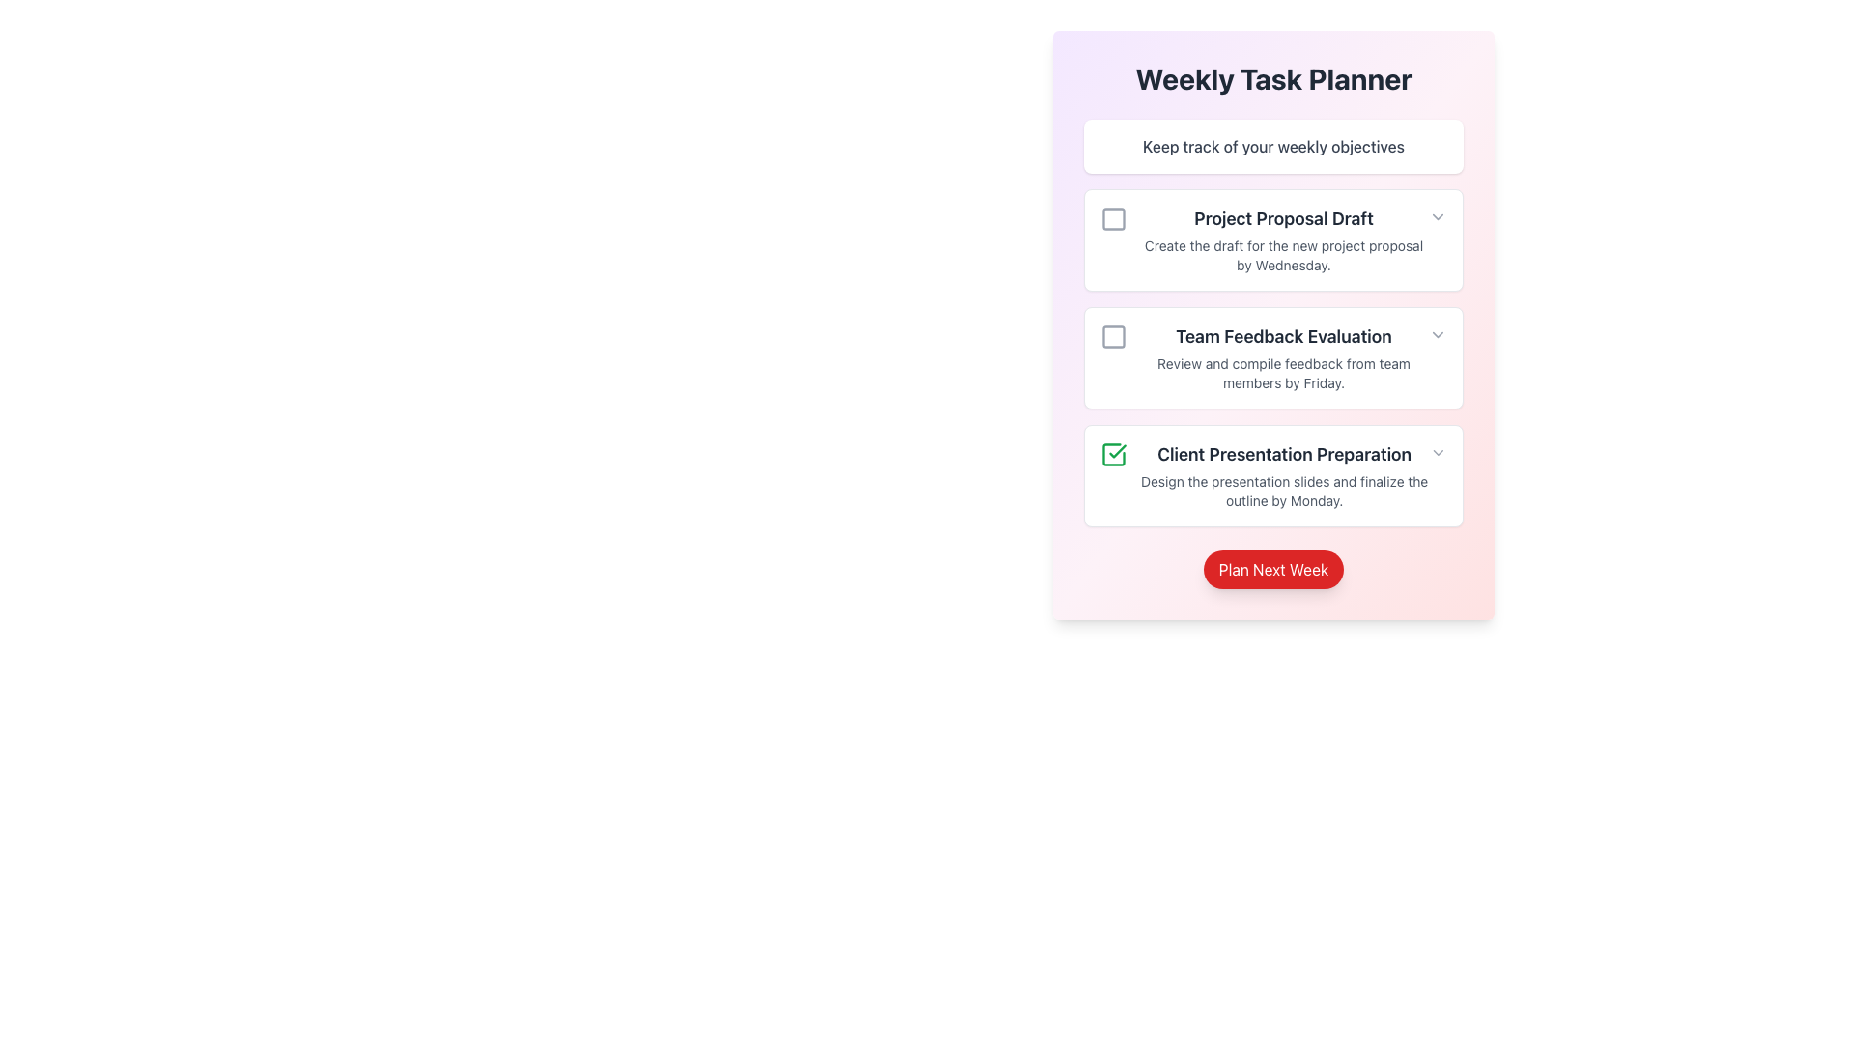 This screenshot has width=1855, height=1043. What do you see at coordinates (1438, 334) in the screenshot?
I see `the chevron icon toggle button for the 'Team Feedback Evaluation' task` at bounding box center [1438, 334].